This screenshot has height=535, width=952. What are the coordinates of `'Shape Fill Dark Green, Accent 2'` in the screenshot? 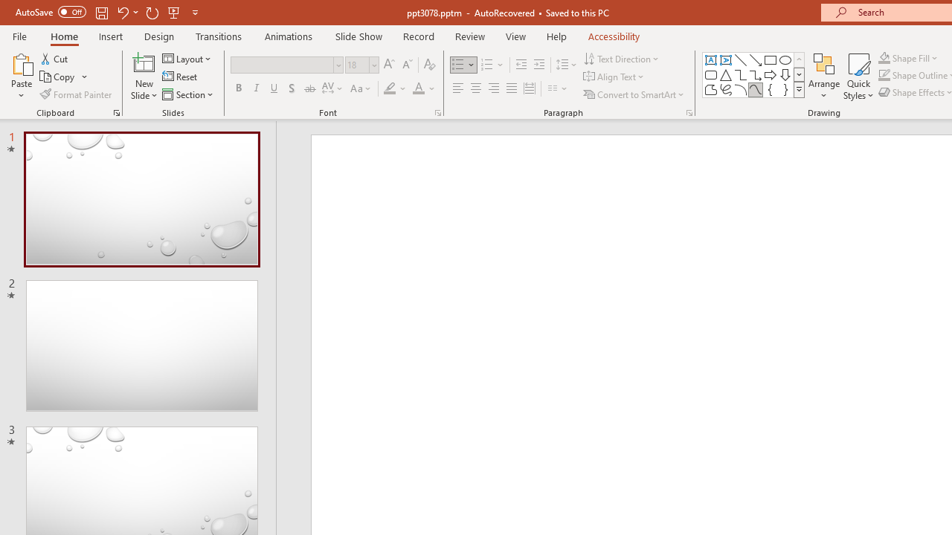 It's located at (884, 57).